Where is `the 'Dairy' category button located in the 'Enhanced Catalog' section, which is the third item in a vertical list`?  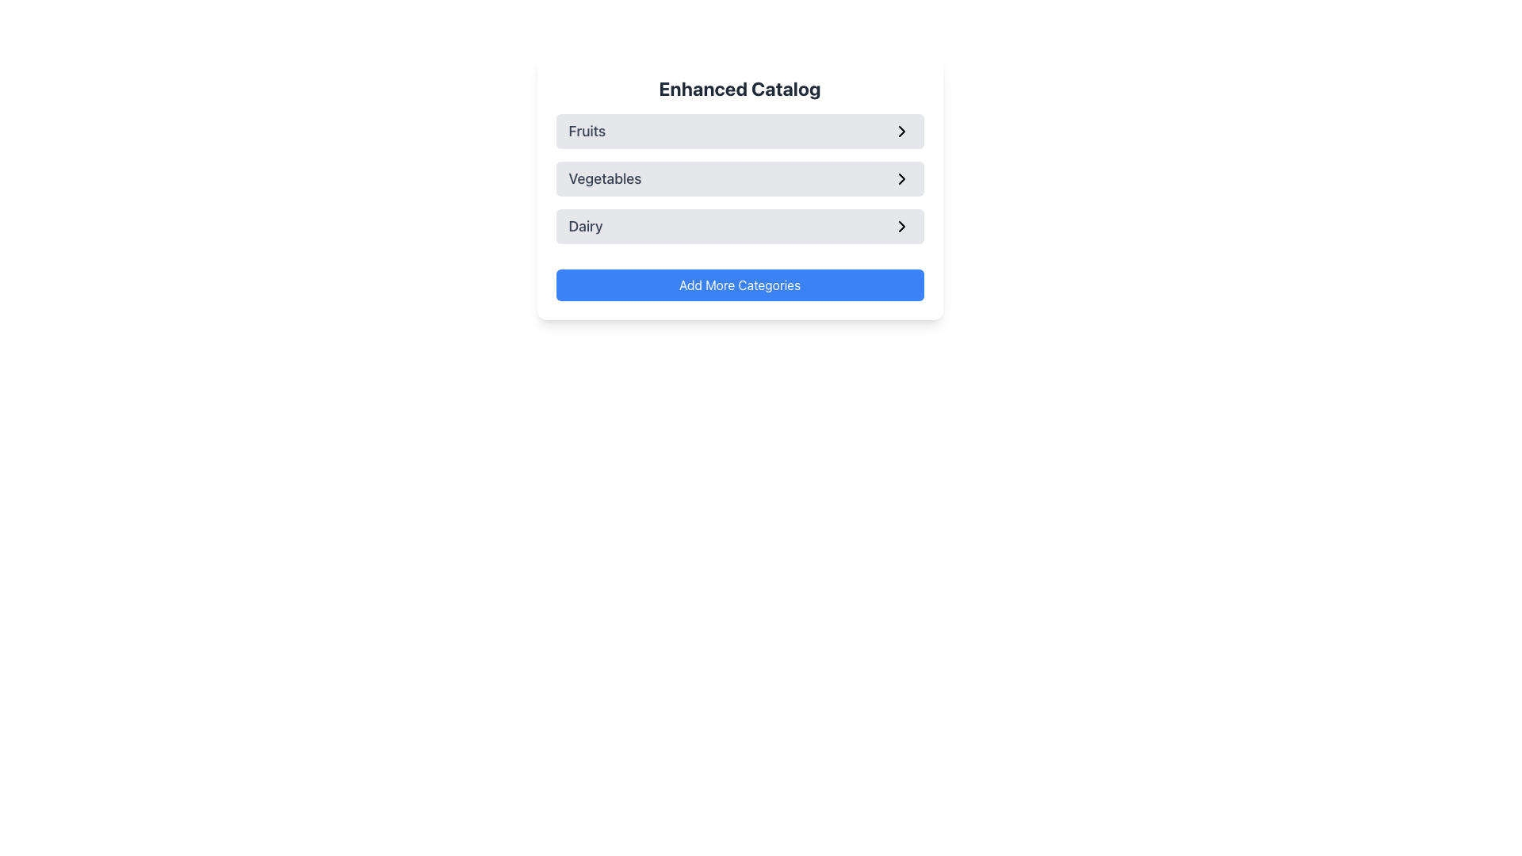 the 'Dairy' category button located in the 'Enhanced Catalog' section, which is the third item in a vertical list is located at coordinates (739, 226).